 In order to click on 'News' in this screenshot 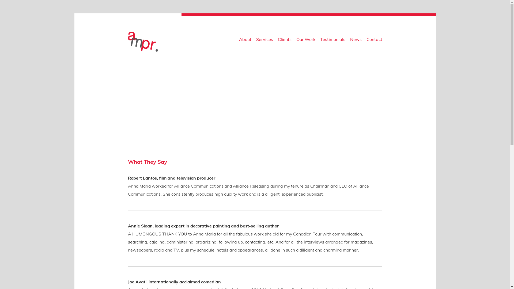, I will do `click(356, 40)`.